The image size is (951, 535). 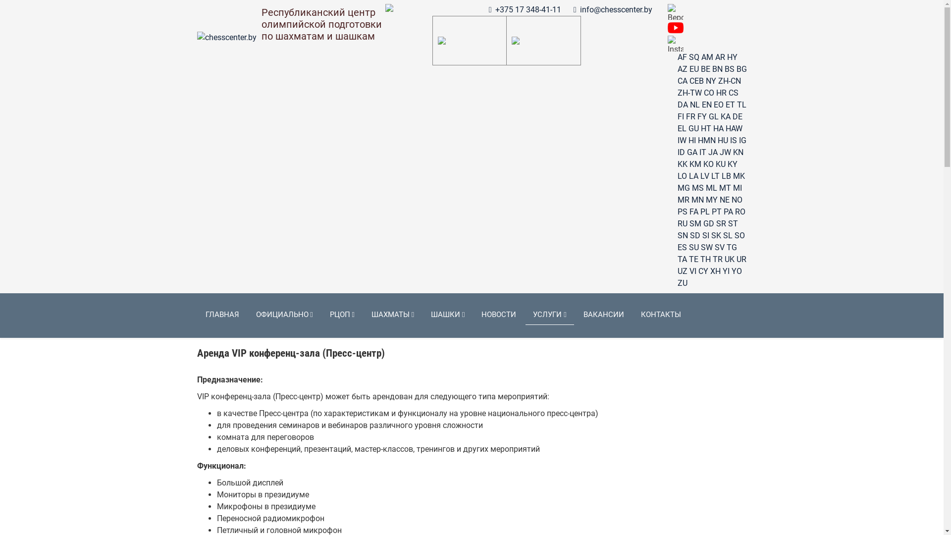 What do you see at coordinates (710, 188) in the screenshot?
I see `'ML'` at bounding box center [710, 188].